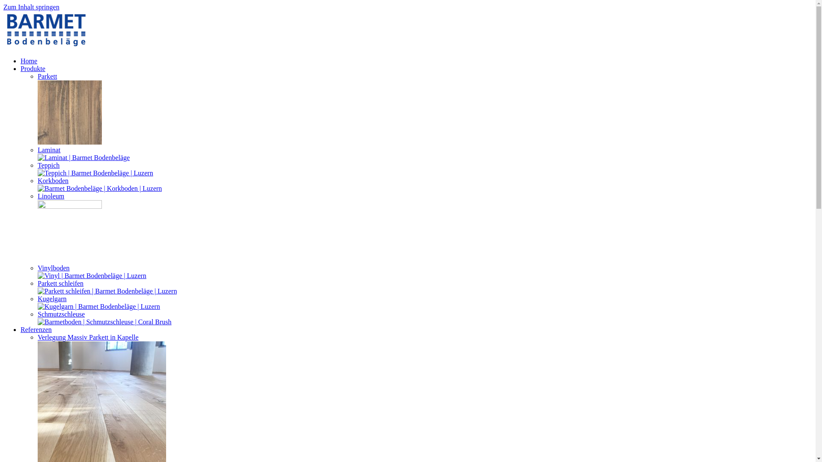 This screenshot has width=822, height=462. Describe the element at coordinates (51, 196) in the screenshot. I see `'Linoleum'` at that location.